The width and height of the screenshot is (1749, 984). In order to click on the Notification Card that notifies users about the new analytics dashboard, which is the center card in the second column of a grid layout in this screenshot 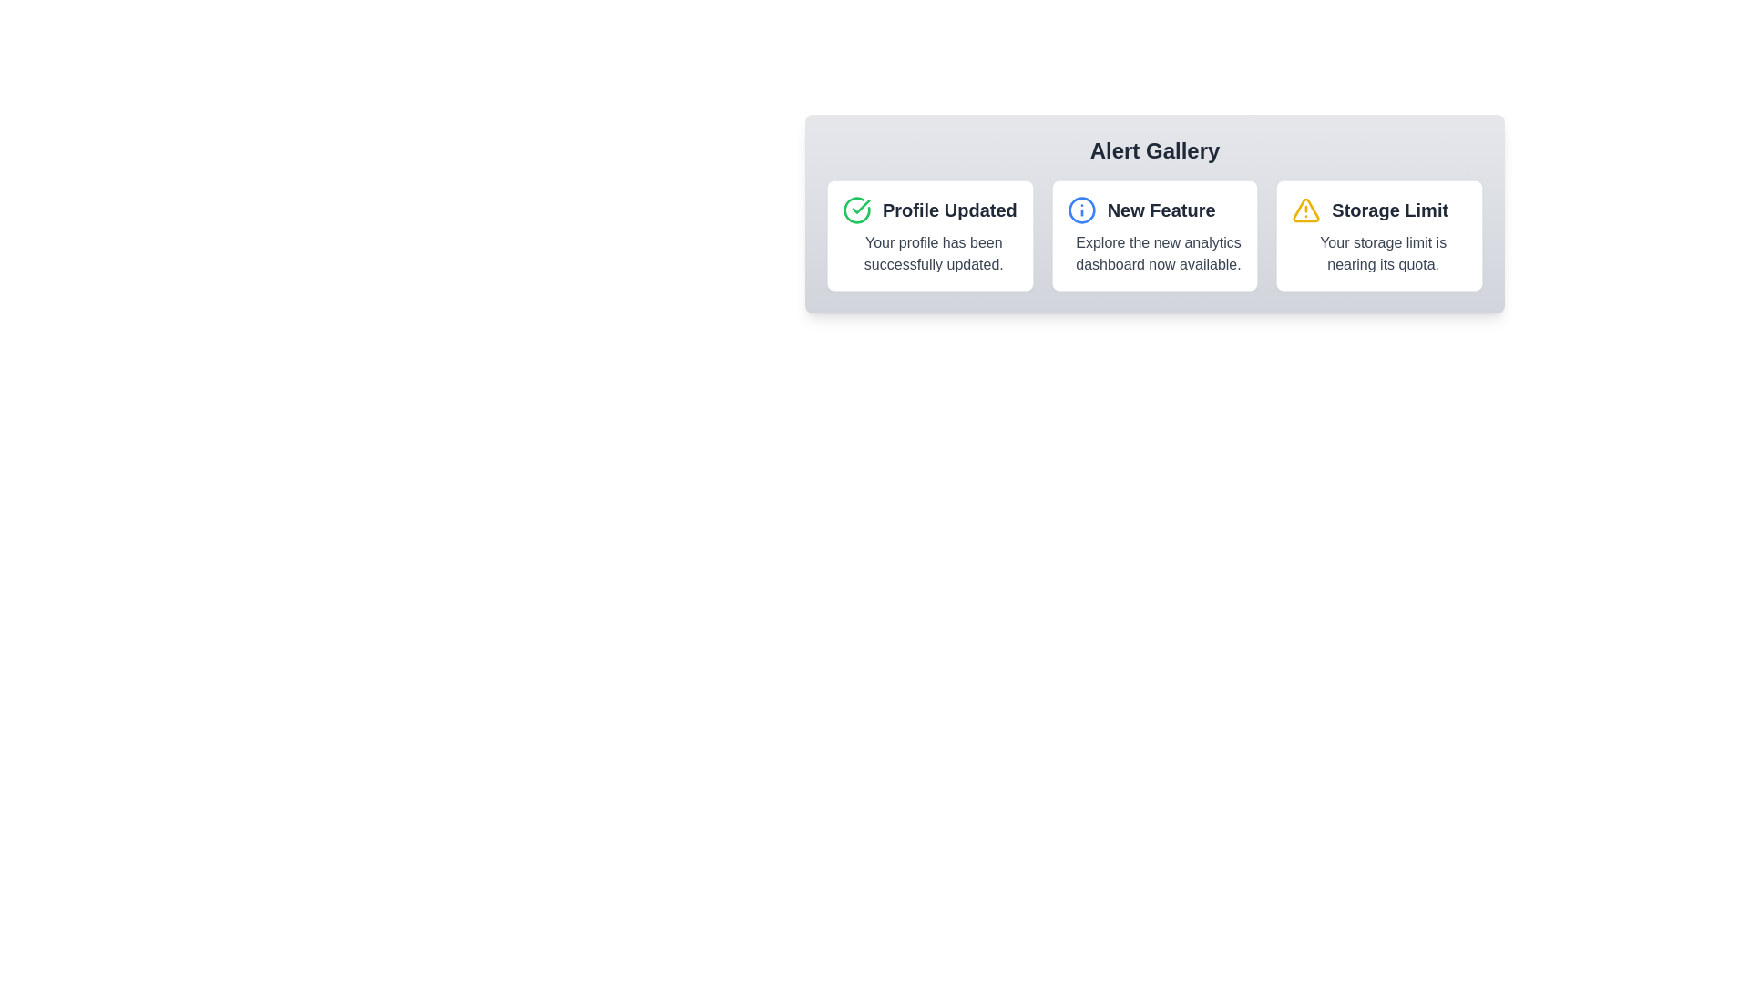, I will do `click(1153, 234)`.